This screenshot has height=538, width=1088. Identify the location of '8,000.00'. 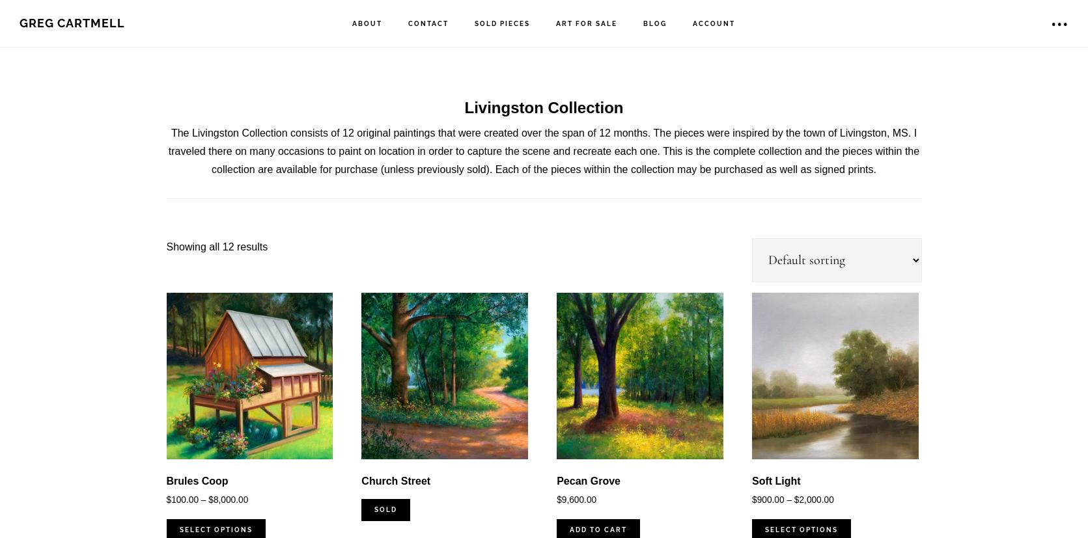
(229, 499).